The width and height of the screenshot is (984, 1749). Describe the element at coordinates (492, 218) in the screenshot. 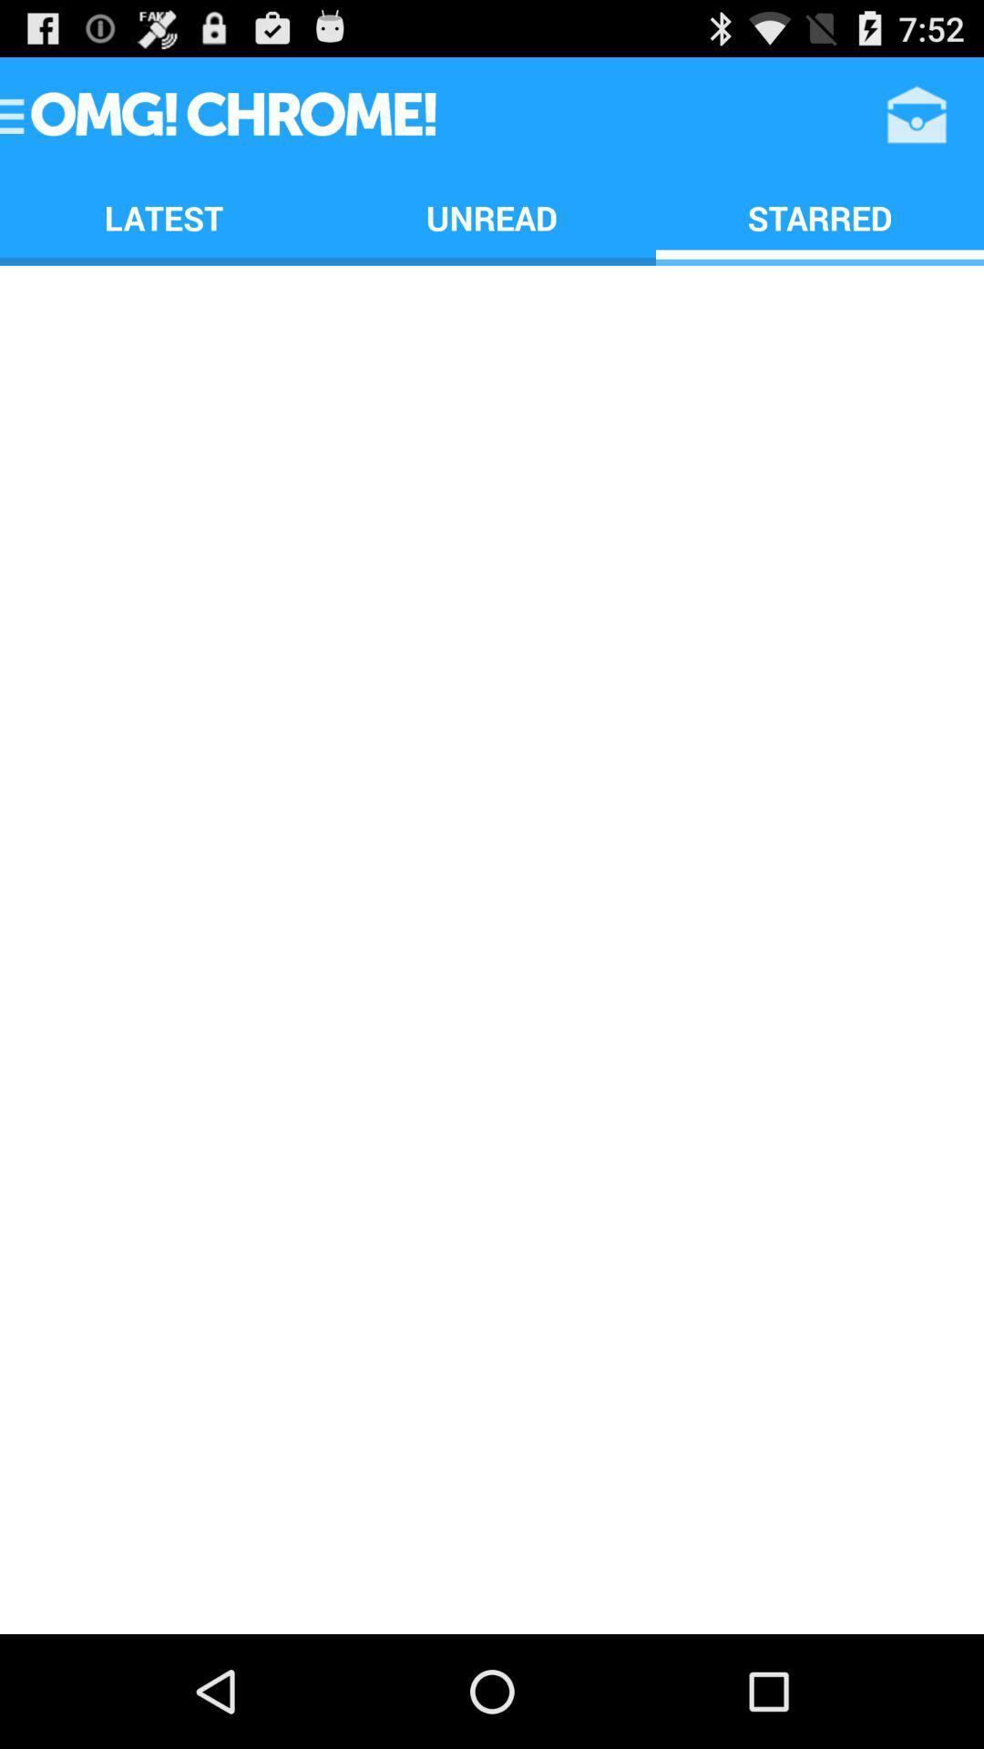

I see `the icon next to starred icon` at that location.